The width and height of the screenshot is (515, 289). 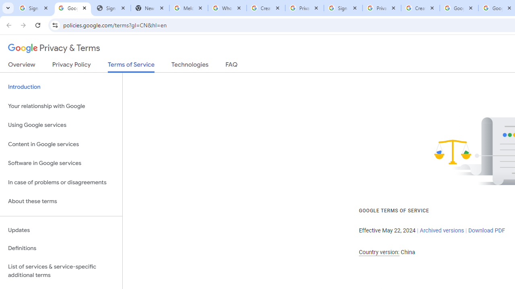 What do you see at coordinates (379, 252) in the screenshot?
I see `'Country version:'` at bounding box center [379, 252].